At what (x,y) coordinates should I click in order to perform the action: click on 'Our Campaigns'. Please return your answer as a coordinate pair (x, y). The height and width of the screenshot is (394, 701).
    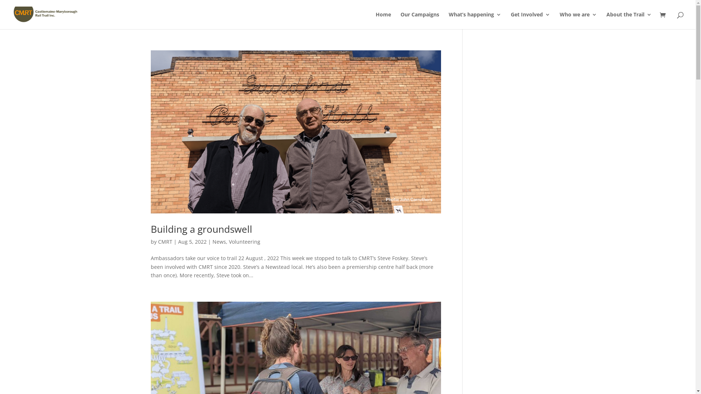
    Looking at the image, I should click on (420, 20).